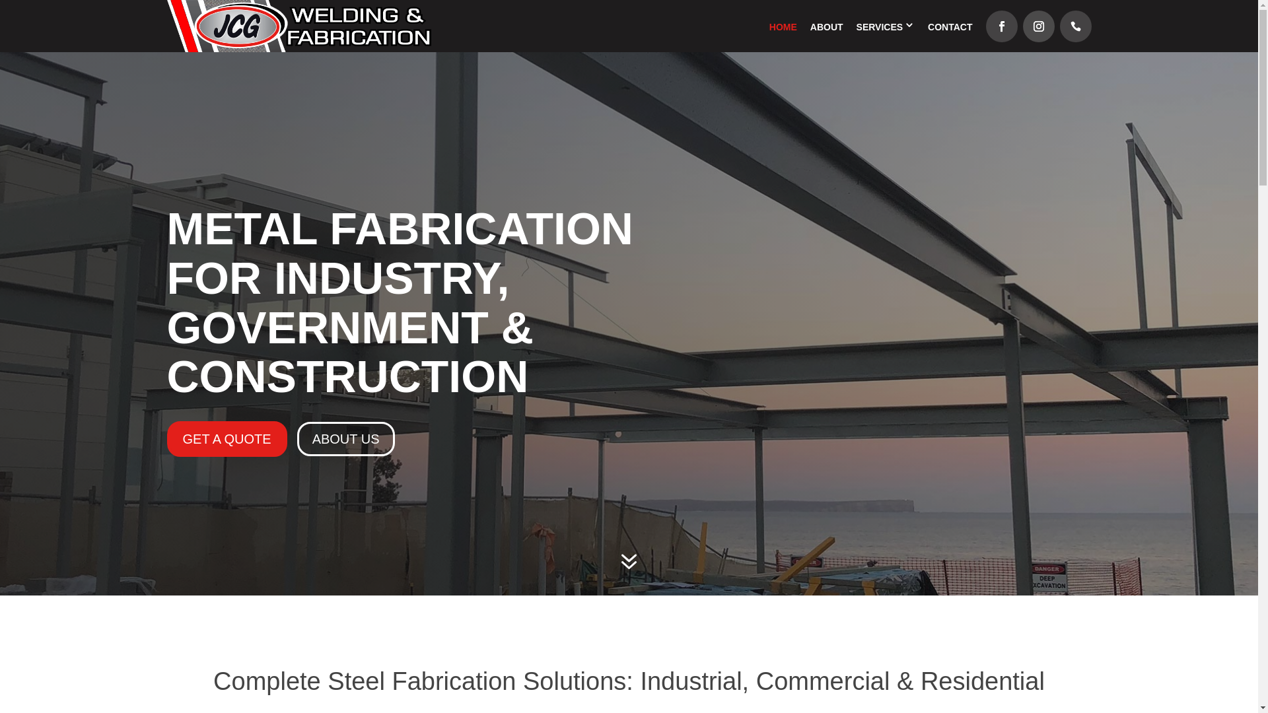  What do you see at coordinates (826, 27) in the screenshot?
I see `'ABOUT'` at bounding box center [826, 27].